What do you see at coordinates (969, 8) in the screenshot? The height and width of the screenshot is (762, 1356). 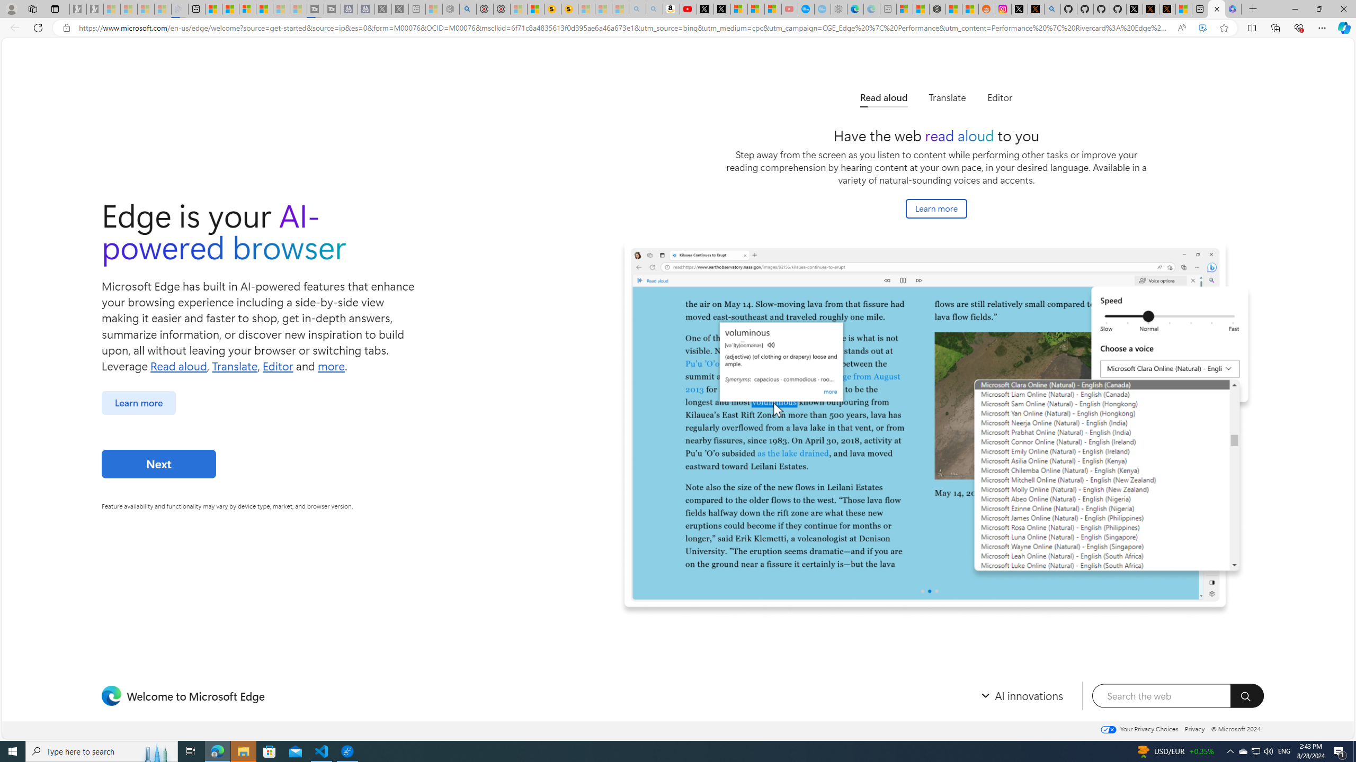 I see `'Shanghai, China Weather trends | Microsoft Weather'` at bounding box center [969, 8].